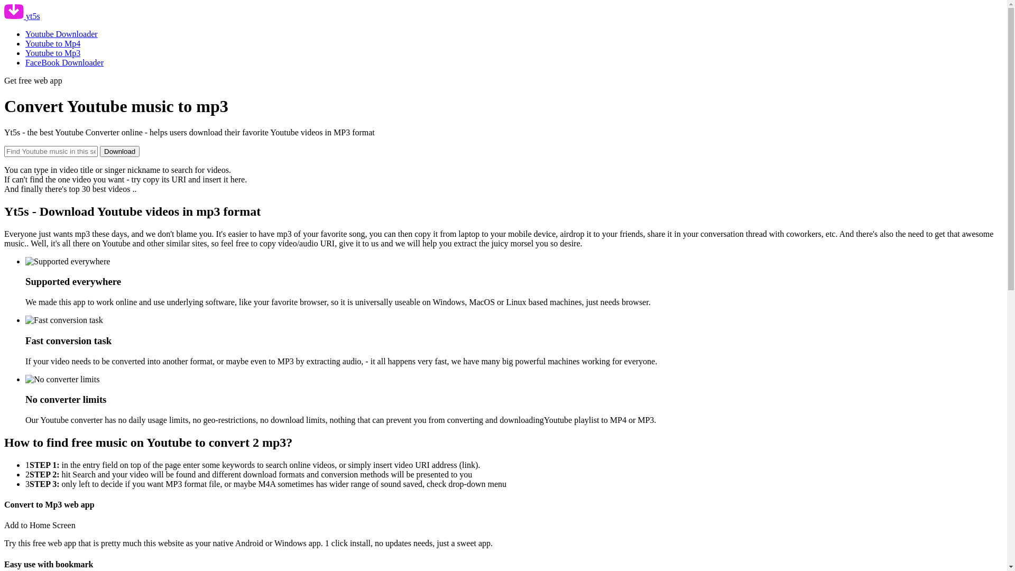 The width and height of the screenshot is (1015, 571). What do you see at coordinates (52, 43) in the screenshot?
I see `'Youtube to Mp4'` at bounding box center [52, 43].